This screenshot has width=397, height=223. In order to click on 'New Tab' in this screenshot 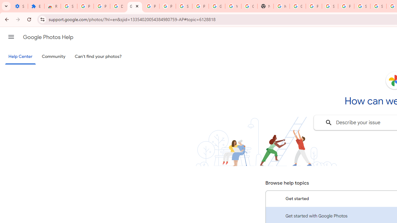, I will do `click(265, 6)`.